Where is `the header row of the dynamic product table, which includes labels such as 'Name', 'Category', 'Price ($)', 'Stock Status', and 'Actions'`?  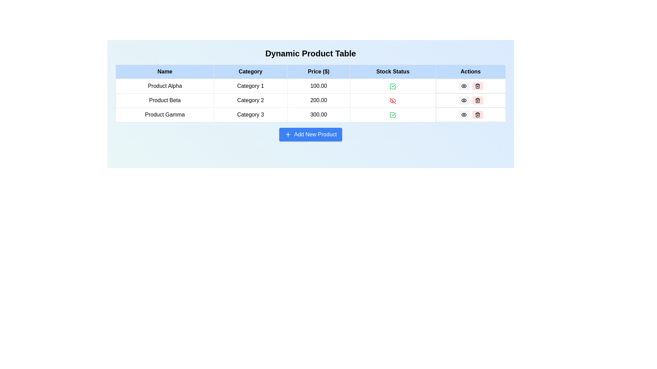 the header row of the dynamic product table, which includes labels such as 'Name', 'Category', 'Price ($)', 'Stock Status', and 'Actions' is located at coordinates (310, 71).